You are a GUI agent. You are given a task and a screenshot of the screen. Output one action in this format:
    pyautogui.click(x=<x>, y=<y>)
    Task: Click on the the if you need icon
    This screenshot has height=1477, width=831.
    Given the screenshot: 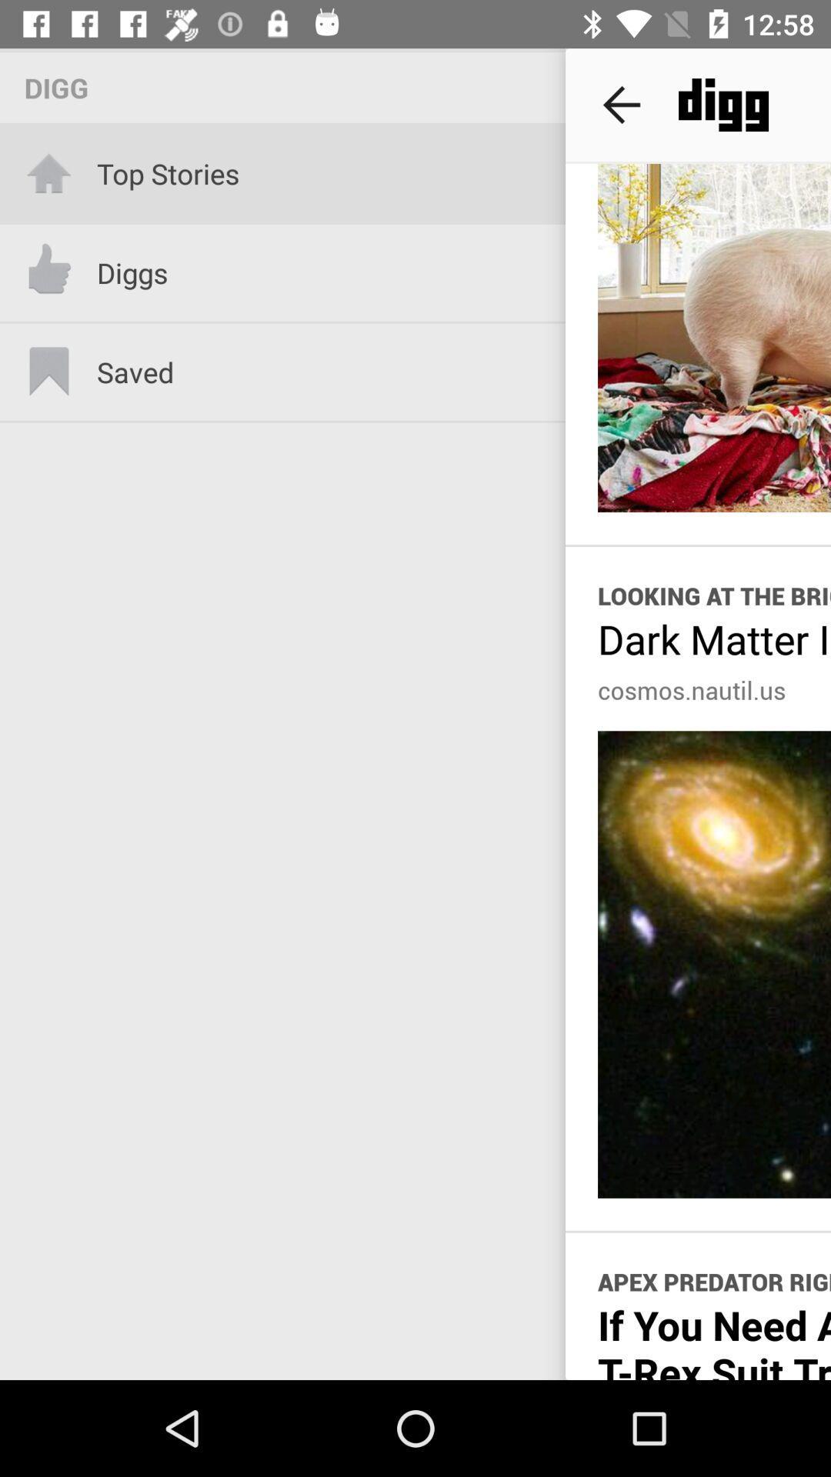 What is the action you would take?
    pyautogui.click(x=714, y=1338)
    